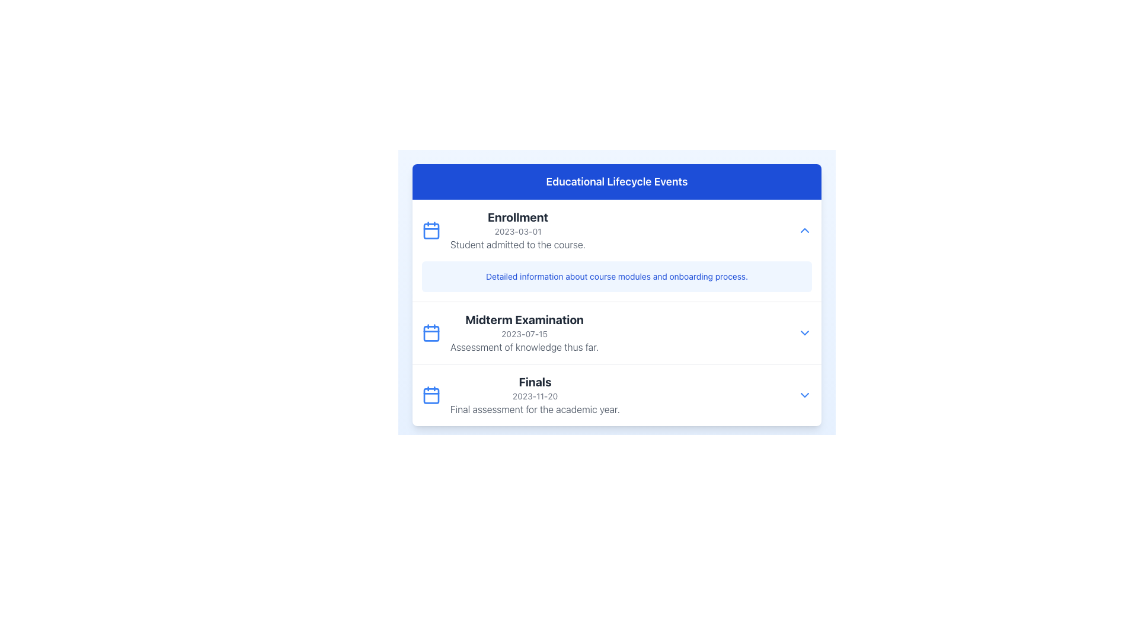 The height and width of the screenshot is (640, 1138). I want to click on the text block titled 'Enrollment' which contains the date '2023-03-01' and the description 'Student admitted to the course.' This block is located in the 'Educational Lifecycle Events' section, positioned to the right of a calendar icon, so click(517, 231).